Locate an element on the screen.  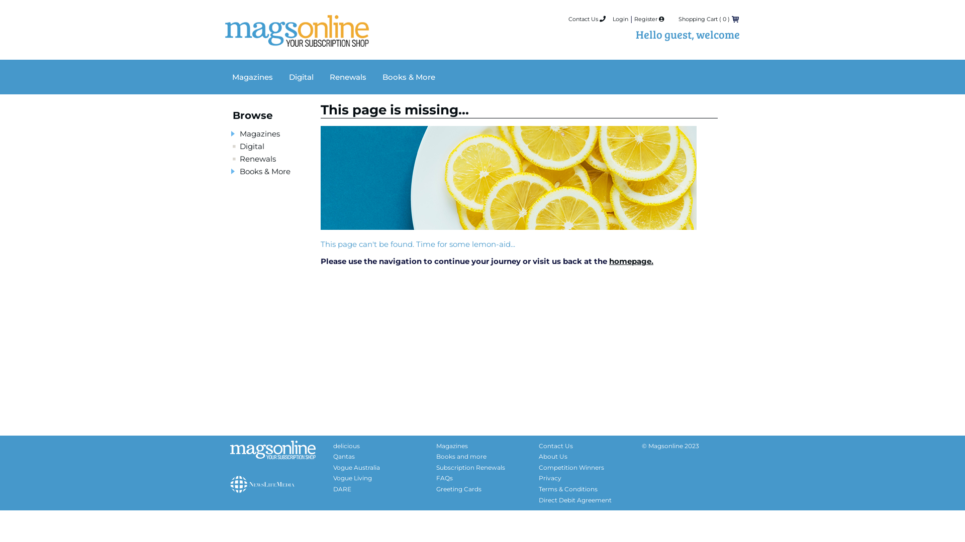
'Contact Us' is located at coordinates (587, 19).